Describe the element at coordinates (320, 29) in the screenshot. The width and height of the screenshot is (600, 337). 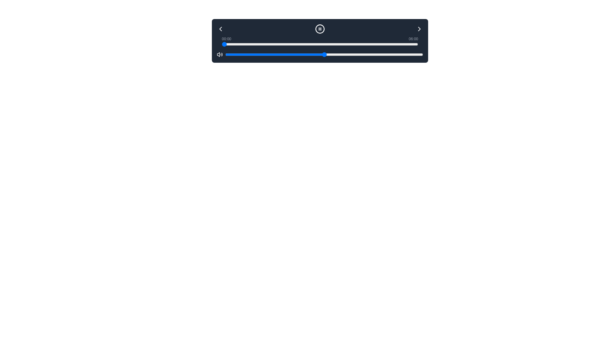
I see `the circular white pause button located against a dark background` at that location.